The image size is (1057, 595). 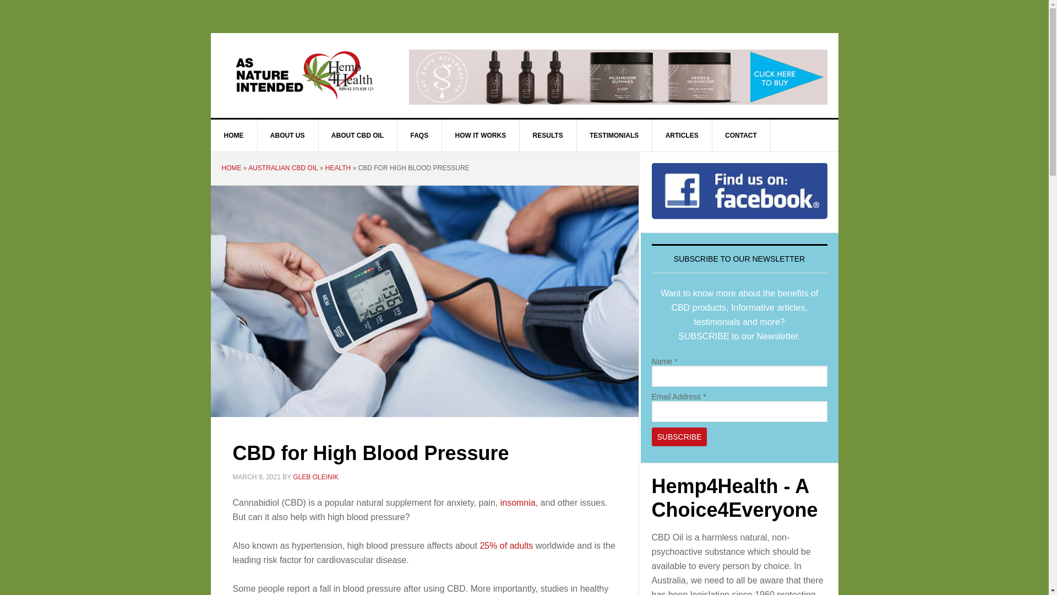 I want to click on 'Subscribe', so click(x=652, y=436).